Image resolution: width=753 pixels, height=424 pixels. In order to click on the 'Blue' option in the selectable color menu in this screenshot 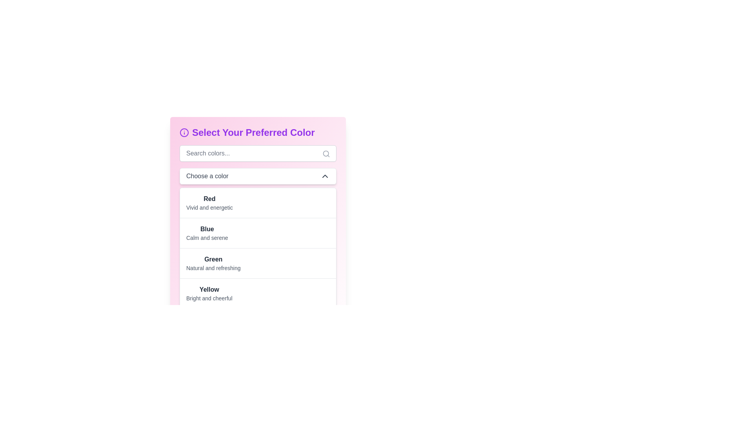, I will do `click(207, 233)`.